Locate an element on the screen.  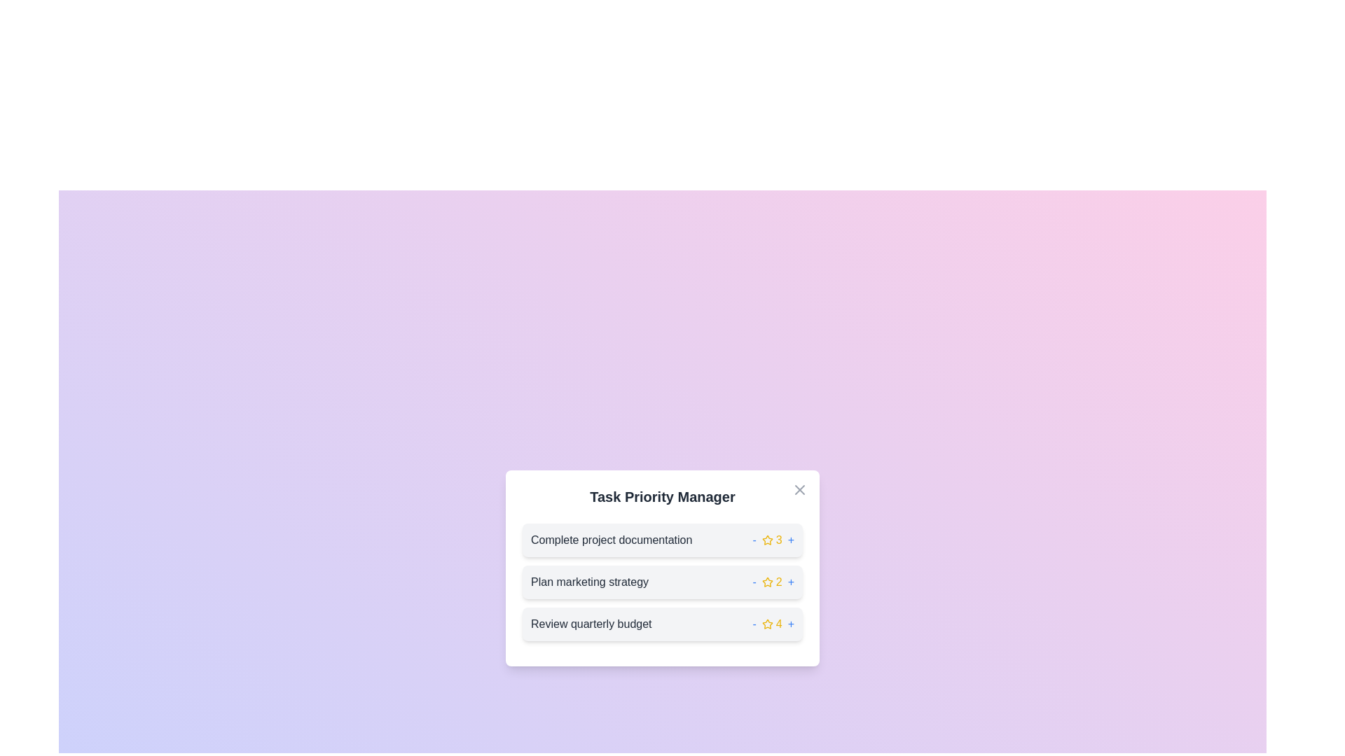
'+' button next to the task with ID 1 is located at coordinates (791, 539).